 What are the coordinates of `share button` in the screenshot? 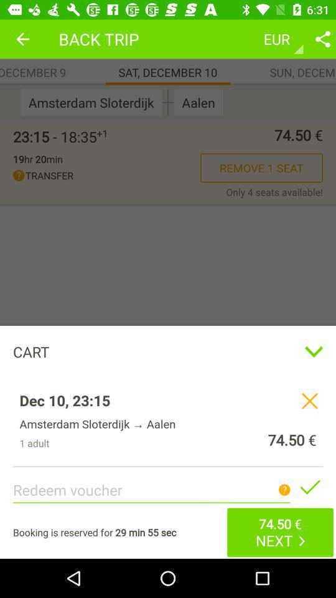 It's located at (322, 39).